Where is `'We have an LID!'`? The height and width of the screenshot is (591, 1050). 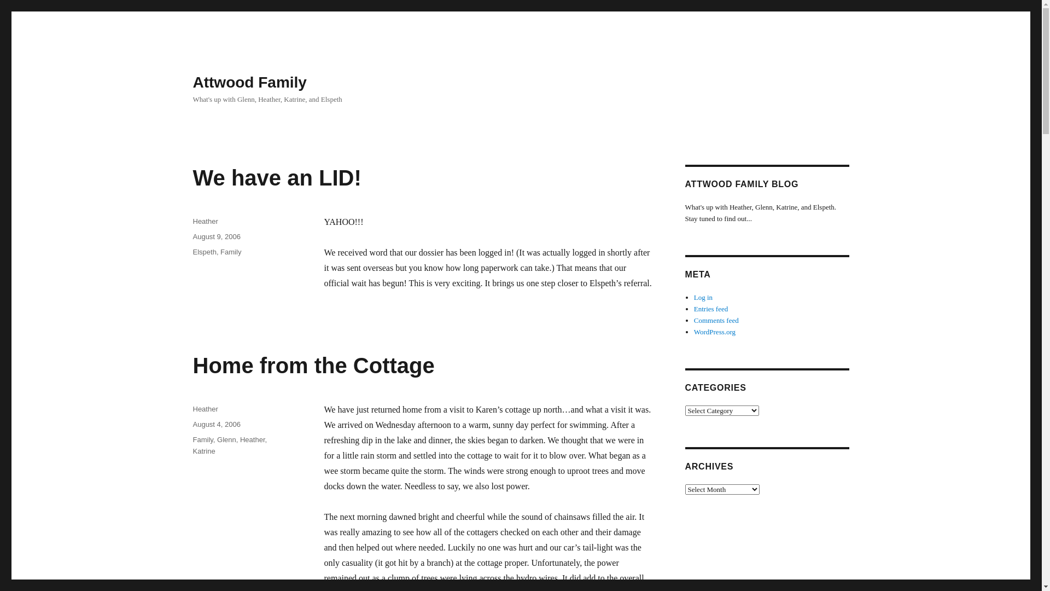
'We have an LID!' is located at coordinates (276, 177).